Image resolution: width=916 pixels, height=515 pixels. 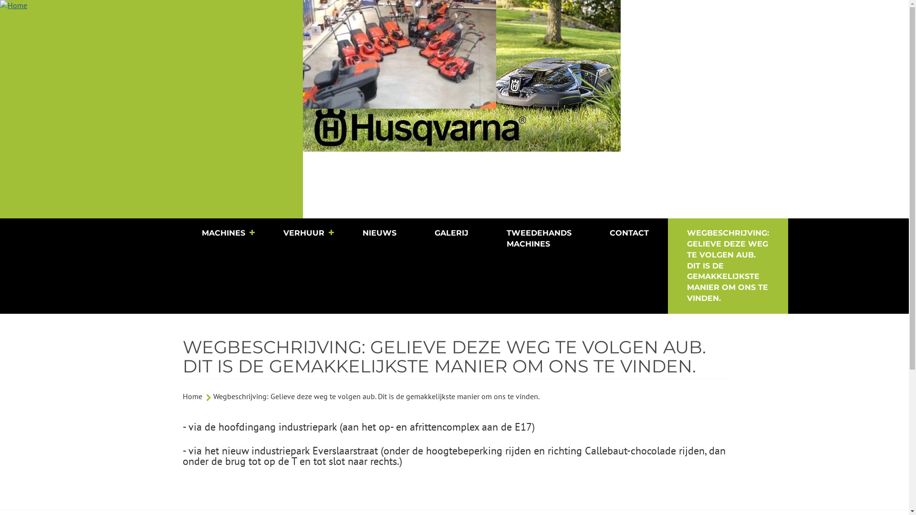 What do you see at coordinates (450, 233) in the screenshot?
I see `'GALERIJ'` at bounding box center [450, 233].